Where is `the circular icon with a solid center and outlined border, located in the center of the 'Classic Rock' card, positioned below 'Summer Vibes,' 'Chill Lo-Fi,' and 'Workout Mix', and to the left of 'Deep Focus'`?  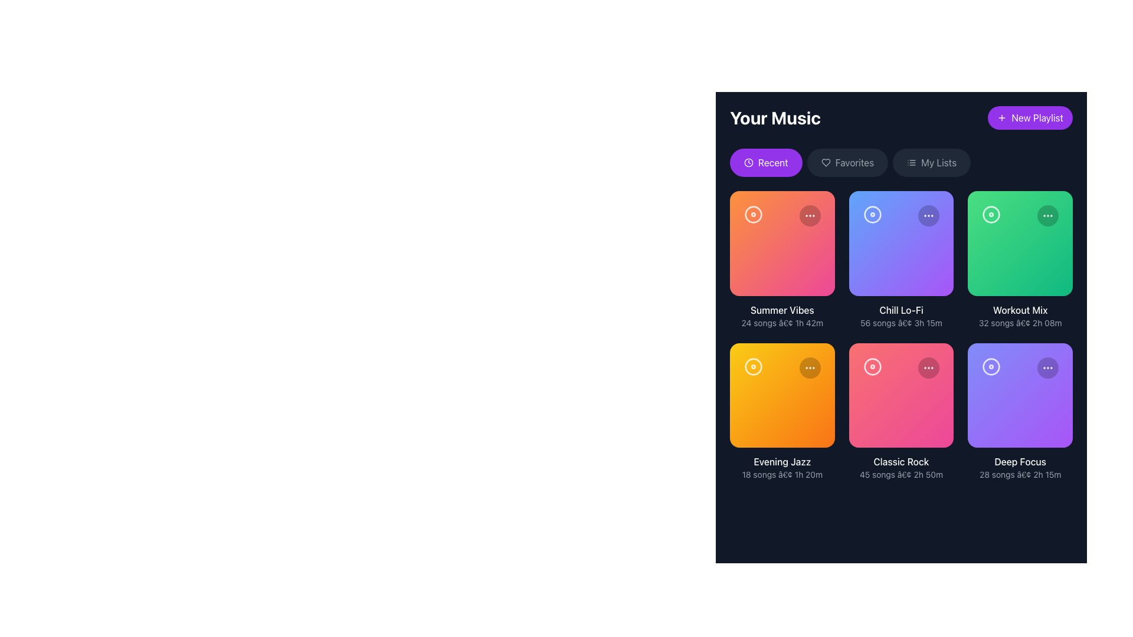 the circular icon with a solid center and outlined border, located in the center of the 'Classic Rock' card, positioned below 'Summer Vibes,' 'Chill Lo-Fi,' and 'Workout Mix', and to the left of 'Deep Focus' is located at coordinates (872, 366).